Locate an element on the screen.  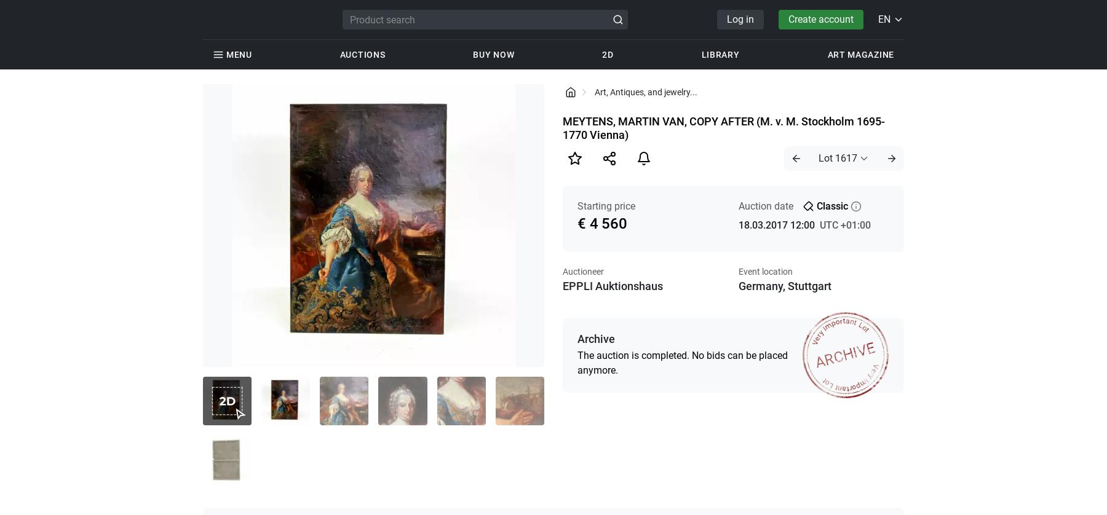
'Auction date' is located at coordinates (765, 205).